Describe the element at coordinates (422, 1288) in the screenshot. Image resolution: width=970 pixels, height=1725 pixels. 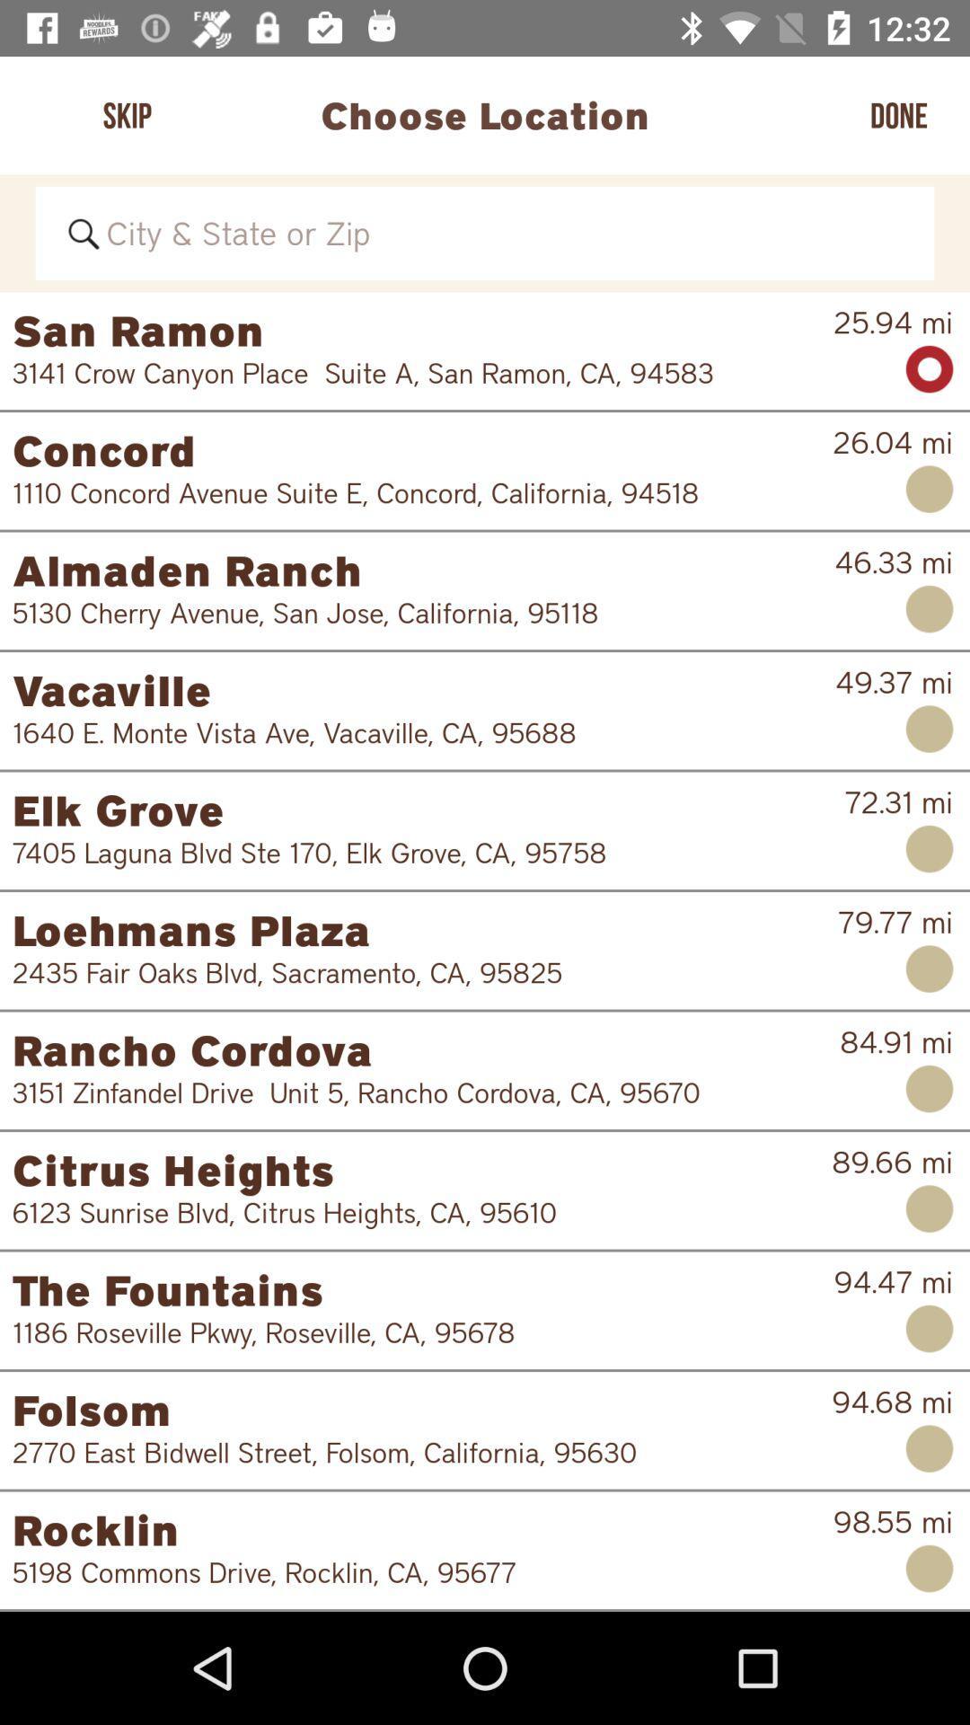
I see `item to the left of the 94.47 mi item` at that location.